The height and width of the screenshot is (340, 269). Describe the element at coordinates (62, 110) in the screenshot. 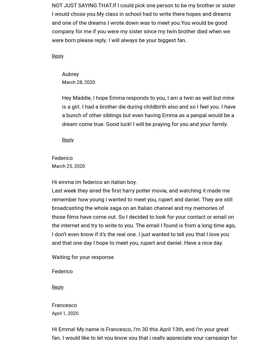

I see `'Hey Maddie, I hope Emma responds to you, I am a twin as well but mine is a girl. I had a brother die during childbirth also and so I feel you. I have a bunch of other siblings but even having Emma as a penpal would be a dream come true. Good luck! I will be praying for you and your family.'` at that location.